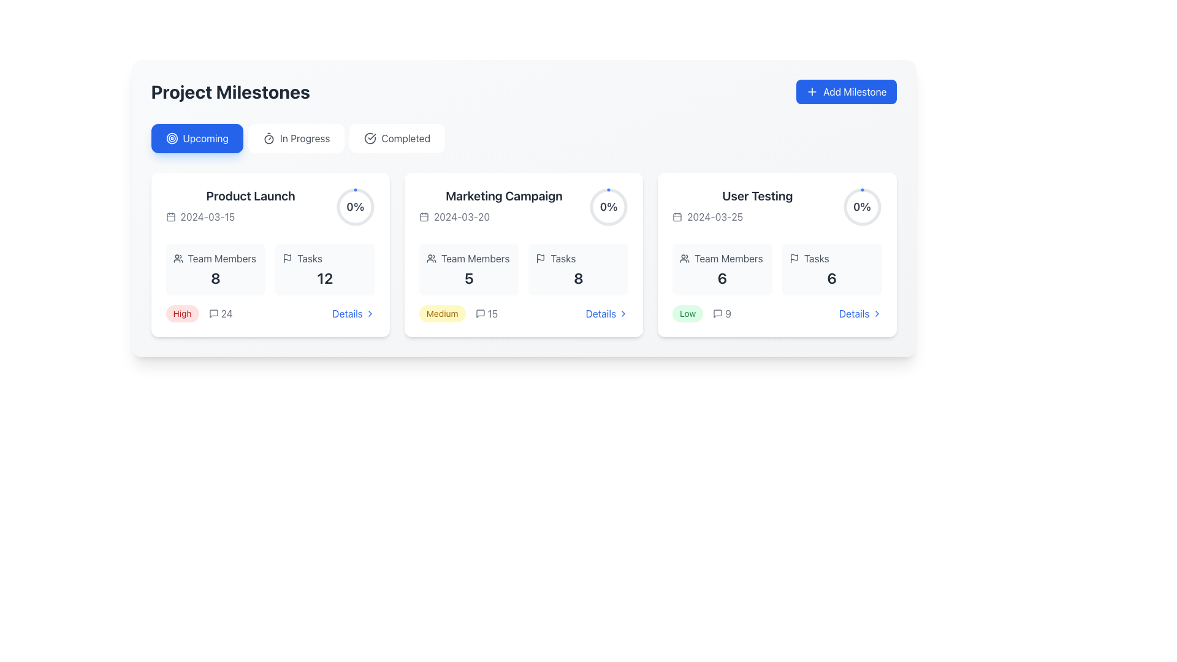  Describe the element at coordinates (287, 257) in the screenshot. I see `the flag icon located to the left of the text 'Tasks', which features a modern minimalist design with a thin stroke and rounded corners` at that location.